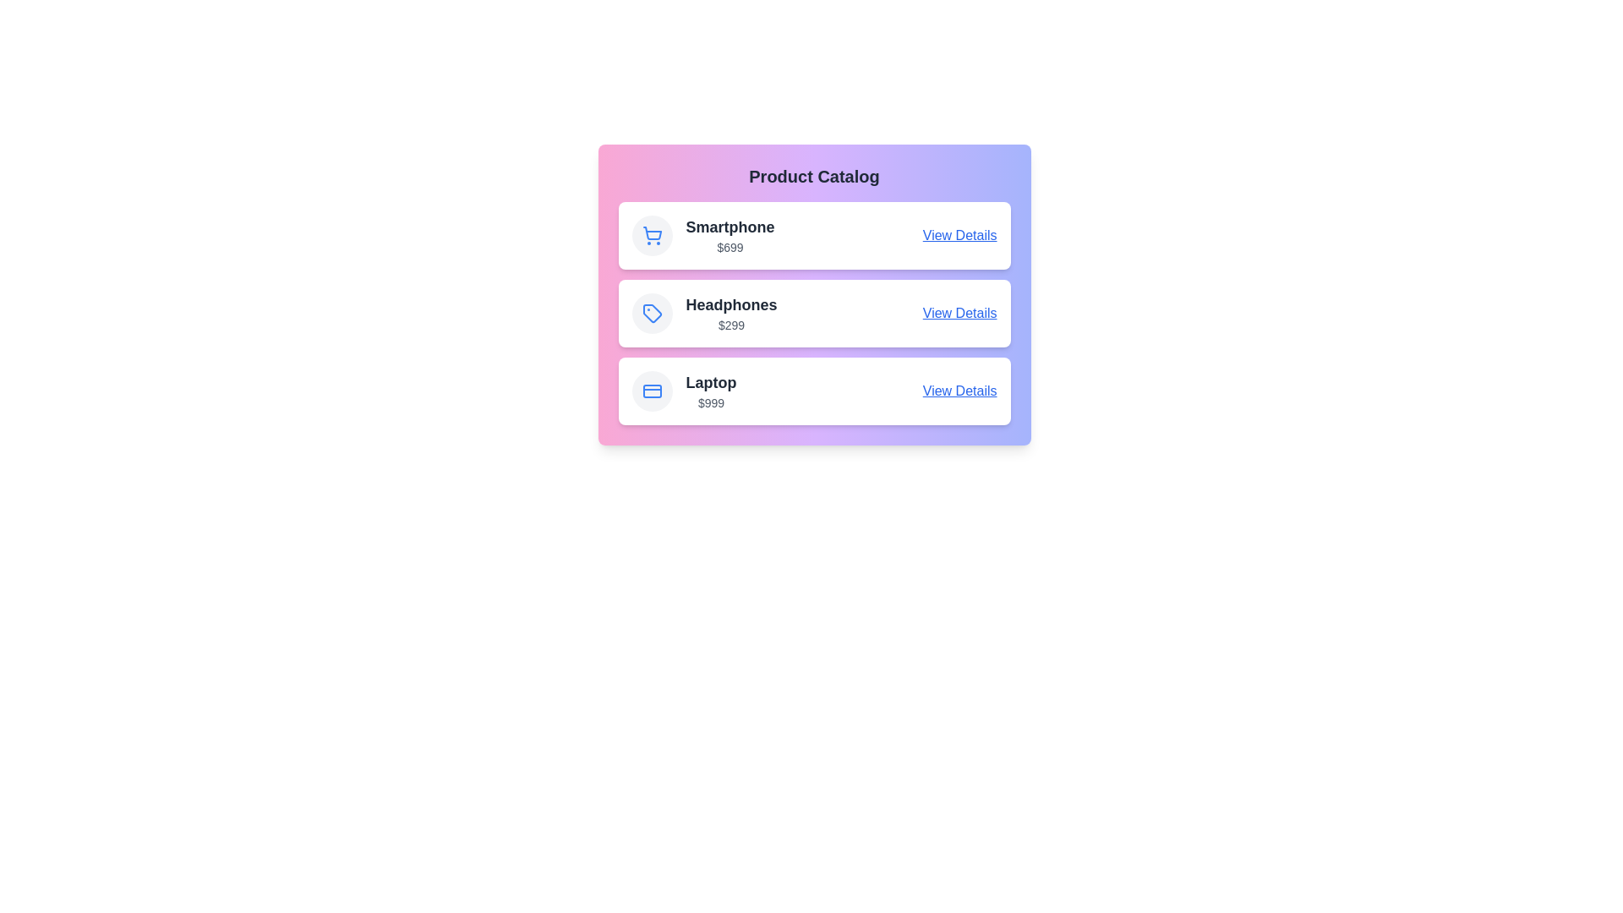  I want to click on the product item Laptop to observe its hover effect, so click(814, 391).